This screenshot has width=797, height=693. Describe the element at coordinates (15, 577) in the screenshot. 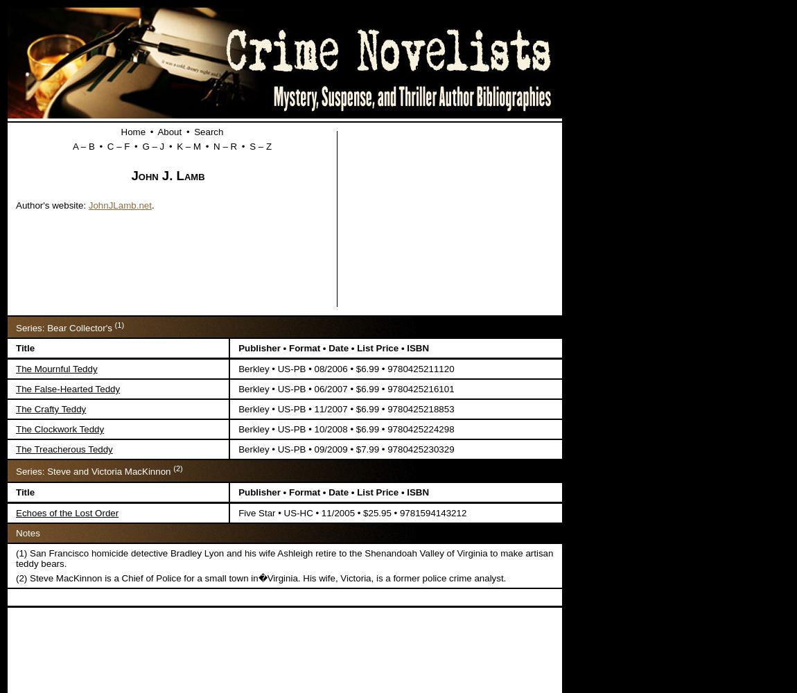

I see `'(2) Steve MacKinnon is a Chief of Police for a small town in�Virginia. His wife, Victoria, is a former police crime analyst.'` at that location.